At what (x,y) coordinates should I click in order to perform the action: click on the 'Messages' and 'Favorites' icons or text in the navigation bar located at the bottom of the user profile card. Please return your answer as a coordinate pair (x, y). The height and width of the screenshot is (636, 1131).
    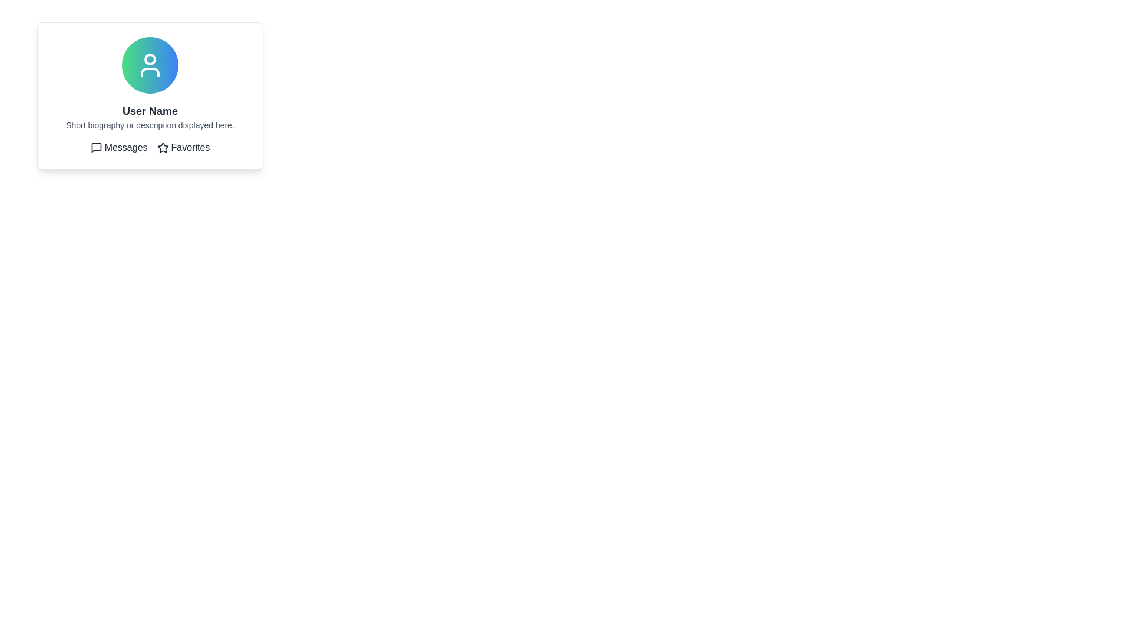
    Looking at the image, I should click on (149, 147).